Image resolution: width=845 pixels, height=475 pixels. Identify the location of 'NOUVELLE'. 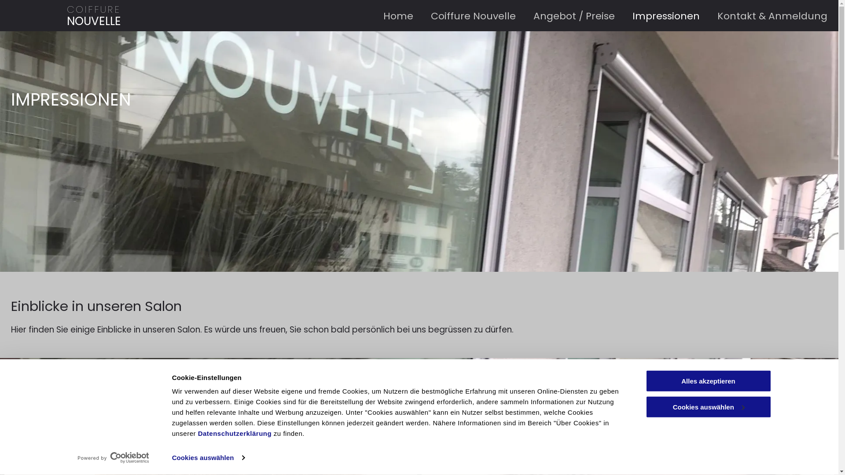
(66, 20).